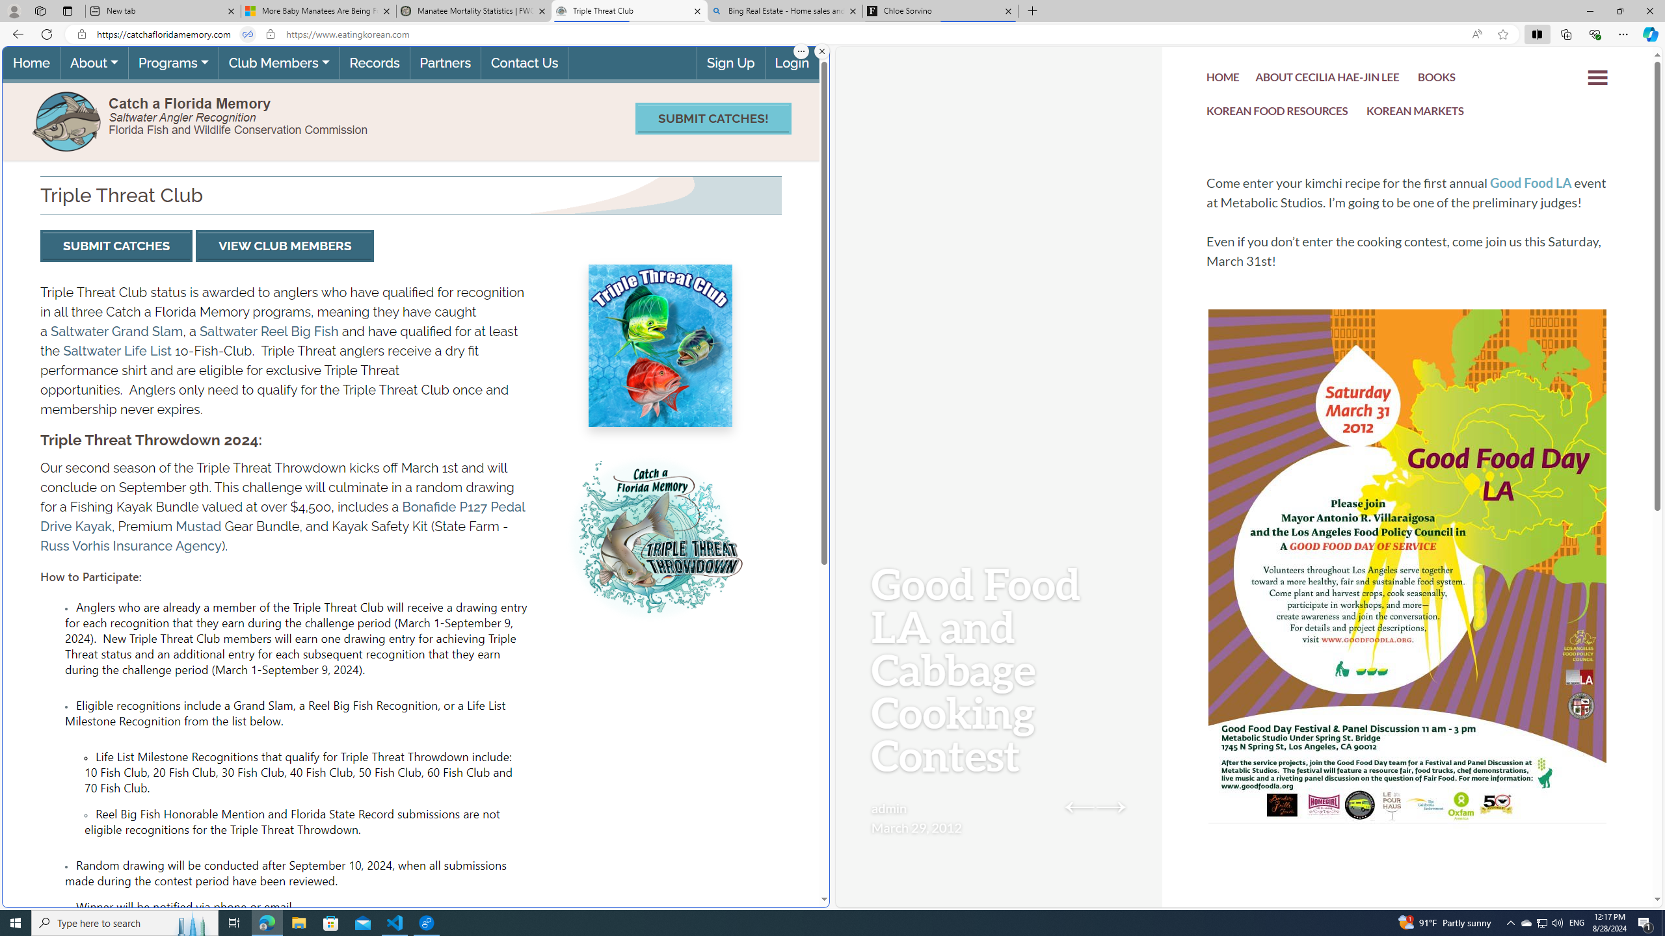 The image size is (1665, 936). What do you see at coordinates (1327, 79) in the screenshot?
I see `'ABOUT CECILIA HAE-JIN LEE'` at bounding box center [1327, 79].